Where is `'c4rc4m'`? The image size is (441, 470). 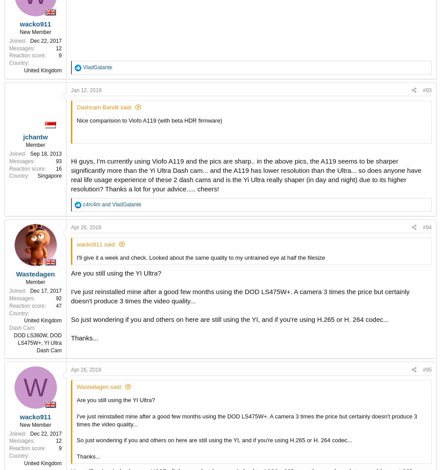 'c4rc4m' is located at coordinates (91, 204).